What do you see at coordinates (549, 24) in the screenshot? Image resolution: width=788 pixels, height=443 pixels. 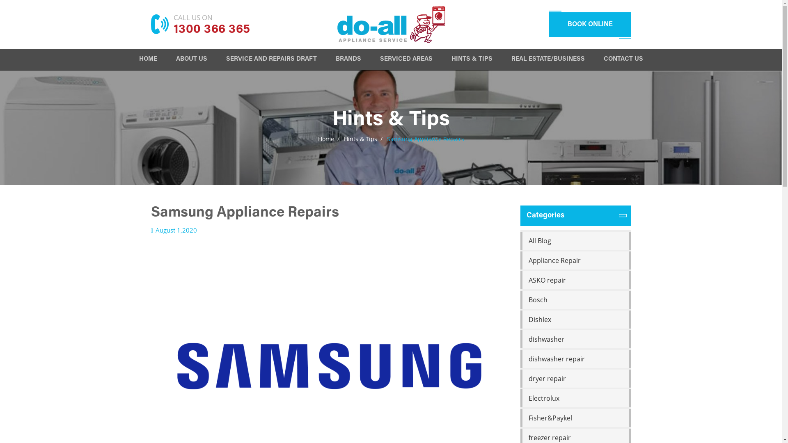 I see `'BOOK ONLINE'` at bounding box center [549, 24].